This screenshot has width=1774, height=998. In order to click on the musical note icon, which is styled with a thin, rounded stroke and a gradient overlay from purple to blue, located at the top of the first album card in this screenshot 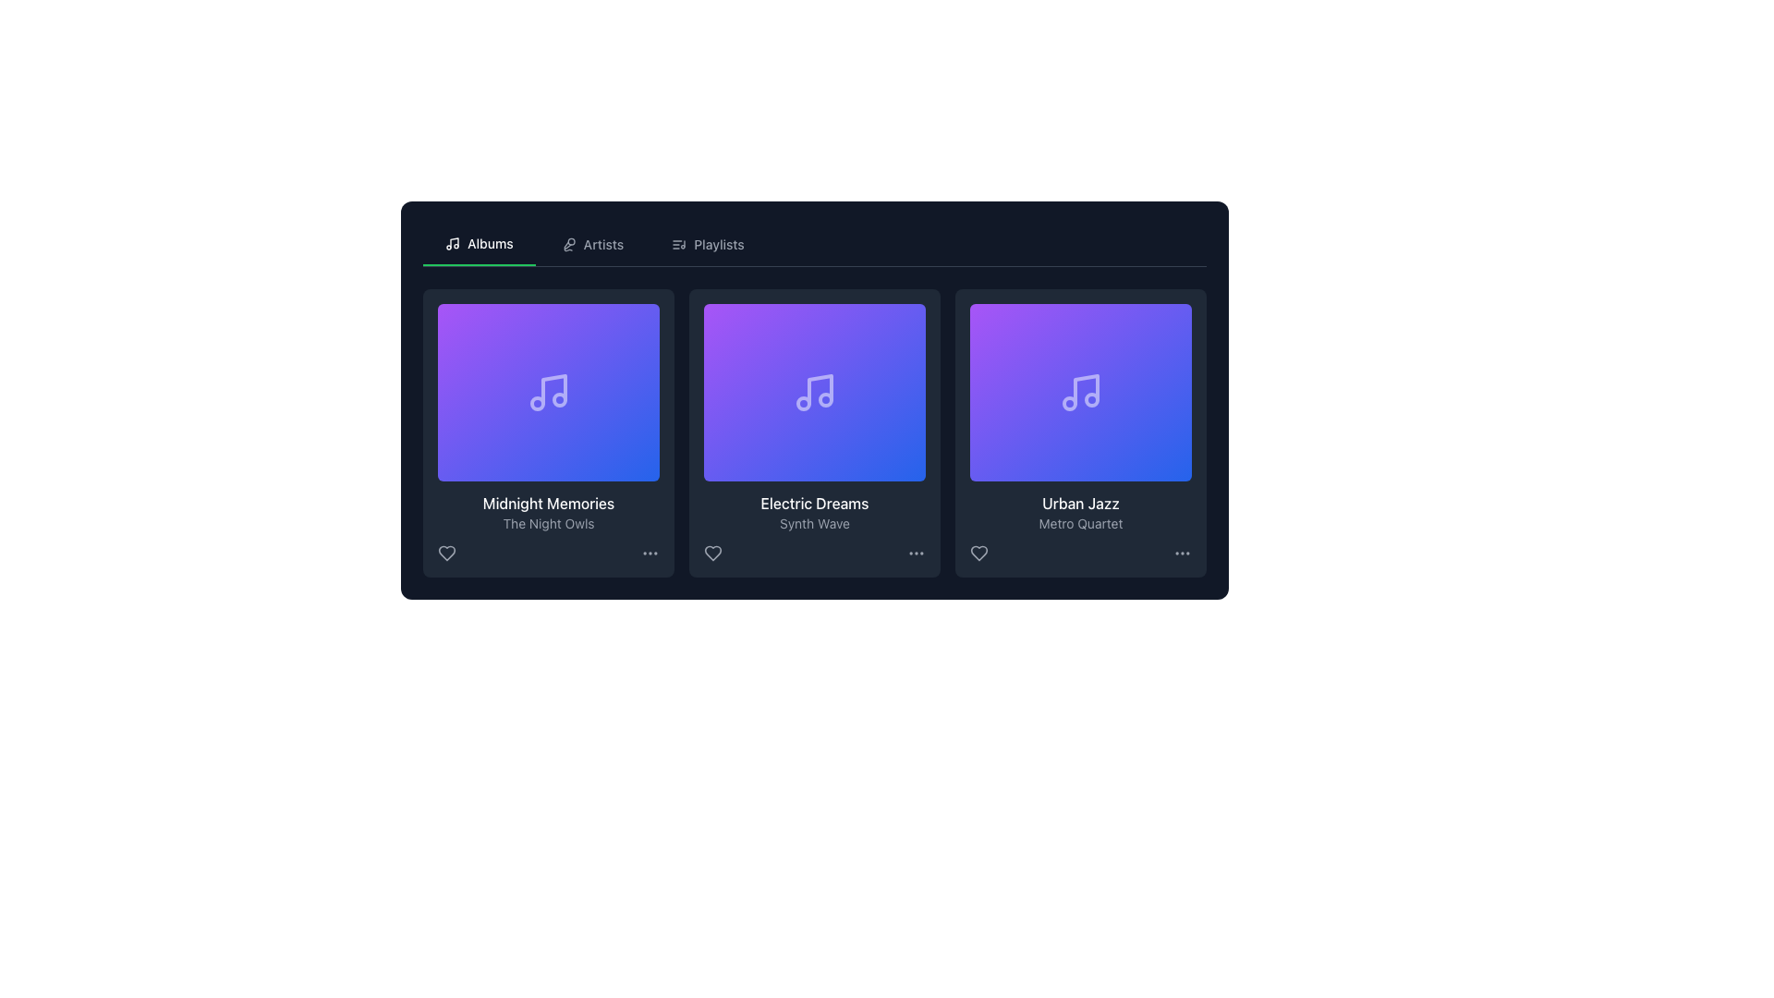, I will do `click(548, 391)`.